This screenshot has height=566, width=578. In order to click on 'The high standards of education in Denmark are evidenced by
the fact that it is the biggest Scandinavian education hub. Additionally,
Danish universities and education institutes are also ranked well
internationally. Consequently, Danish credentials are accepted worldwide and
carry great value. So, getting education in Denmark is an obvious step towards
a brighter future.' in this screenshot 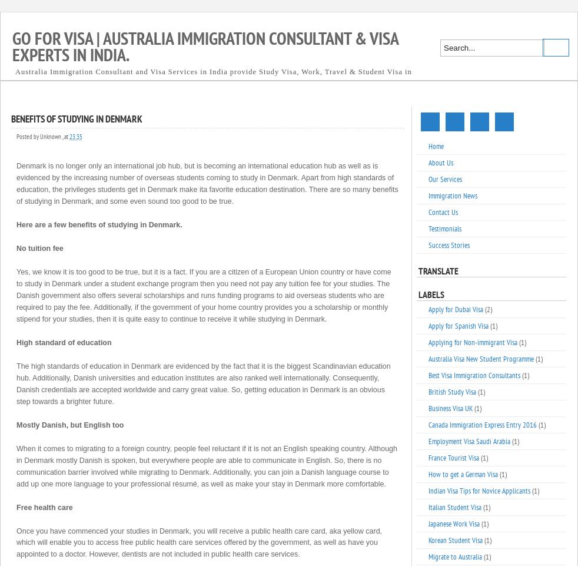, I will do `click(203, 382)`.